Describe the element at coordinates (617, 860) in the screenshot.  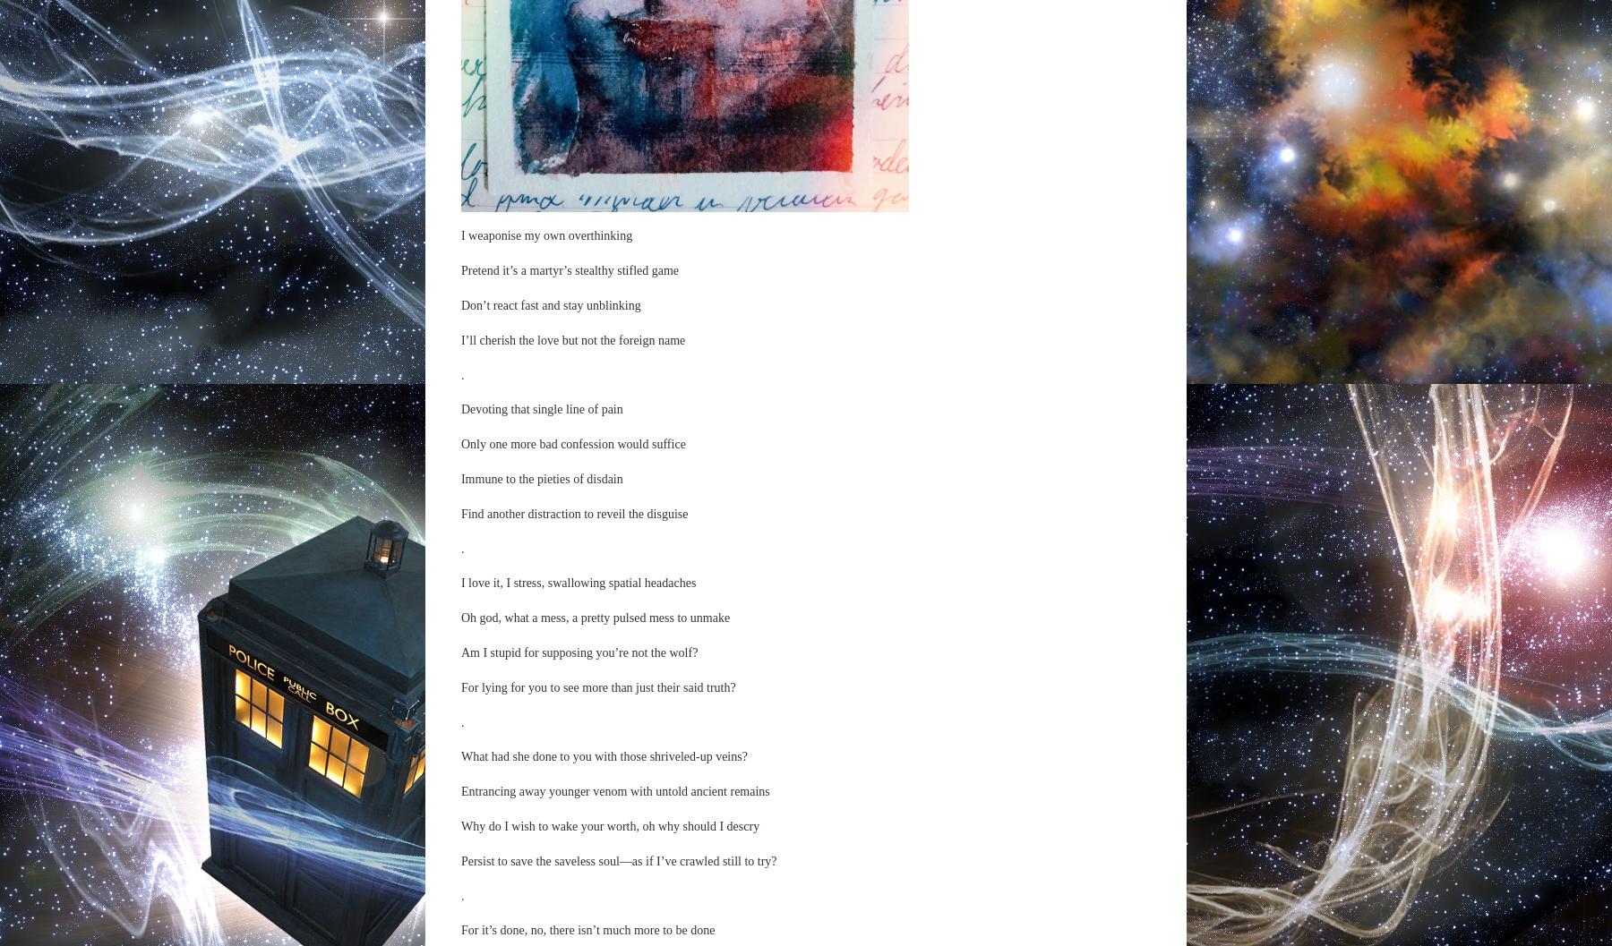
I see `'Persist to save the saveless soul—as if I’ve crawled still to try?'` at that location.